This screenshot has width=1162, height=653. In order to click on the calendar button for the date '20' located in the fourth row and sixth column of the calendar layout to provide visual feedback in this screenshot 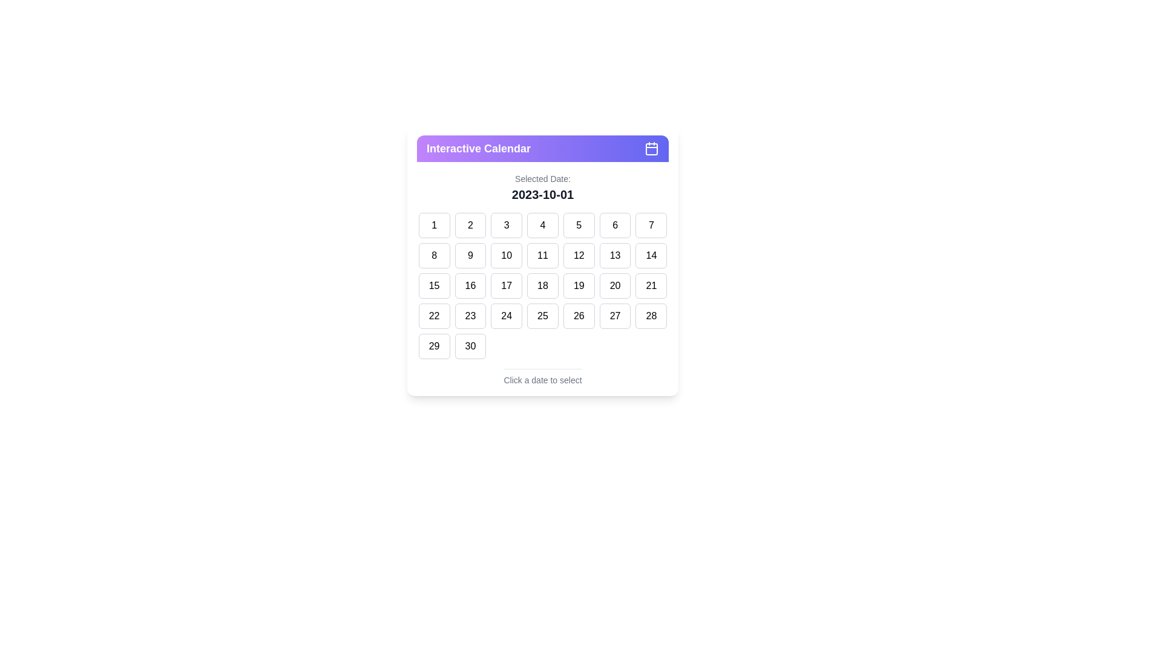, I will do `click(615, 286)`.